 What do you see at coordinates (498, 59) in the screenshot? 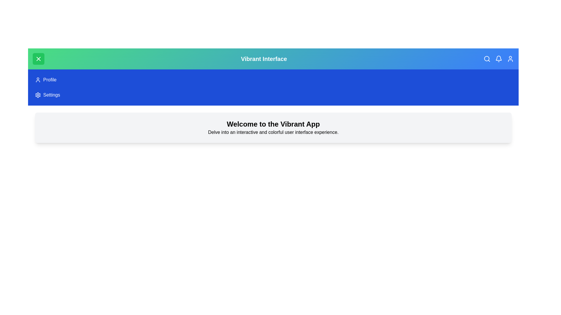
I see `the notification icon (bell icon) to interact with it` at bounding box center [498, 59].